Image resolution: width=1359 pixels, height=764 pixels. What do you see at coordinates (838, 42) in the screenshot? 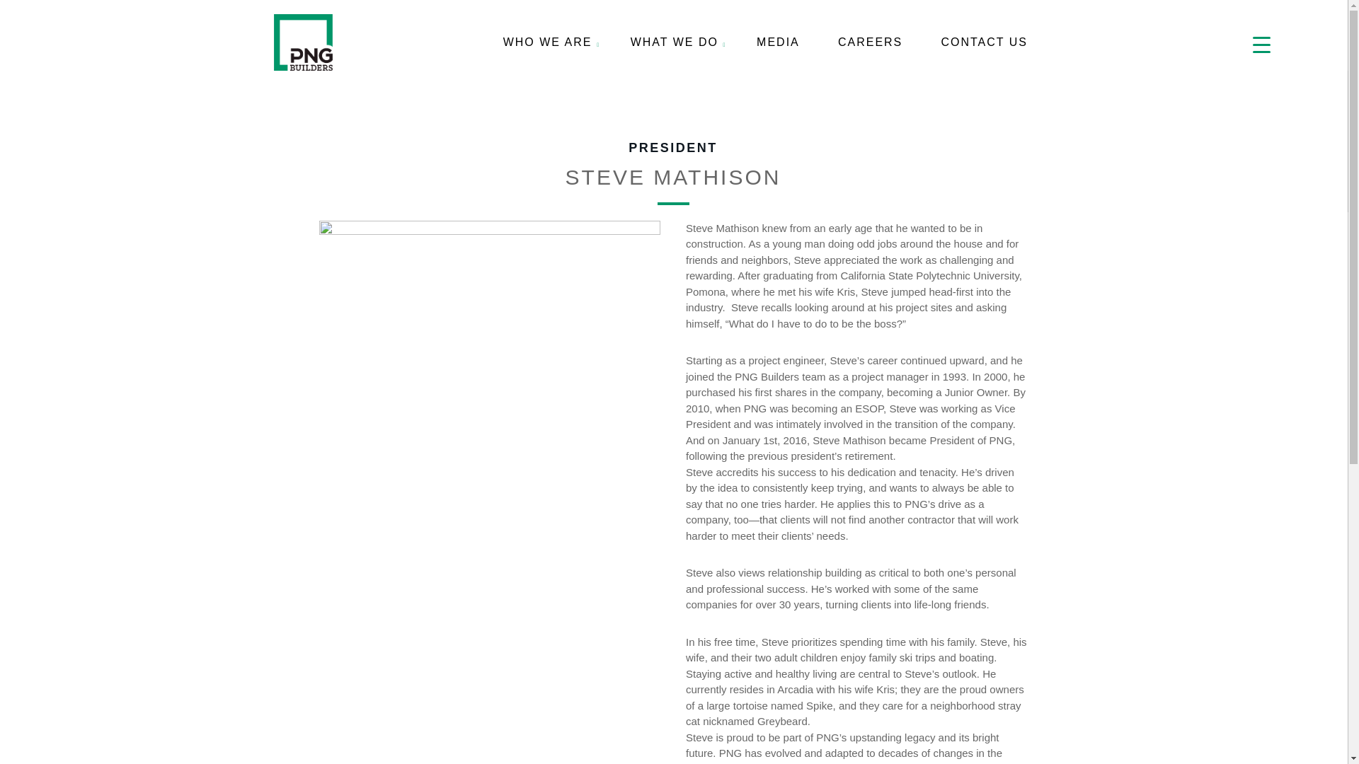
I see `'CAREERS'` at bounding box center [838, 42].